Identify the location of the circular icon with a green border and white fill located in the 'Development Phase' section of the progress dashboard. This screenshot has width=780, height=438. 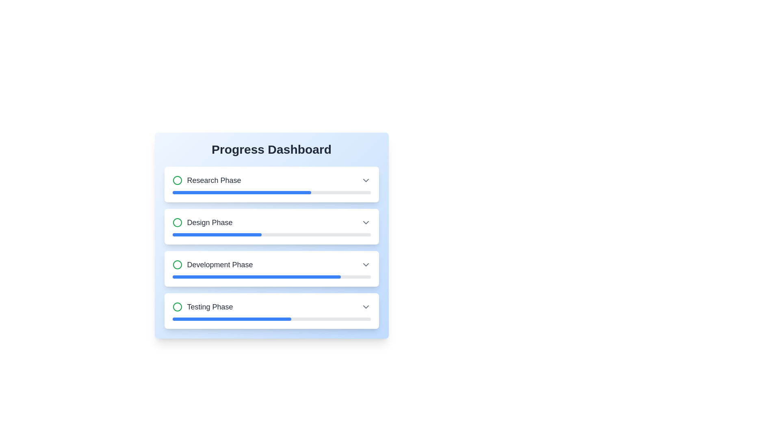
(177, 264).